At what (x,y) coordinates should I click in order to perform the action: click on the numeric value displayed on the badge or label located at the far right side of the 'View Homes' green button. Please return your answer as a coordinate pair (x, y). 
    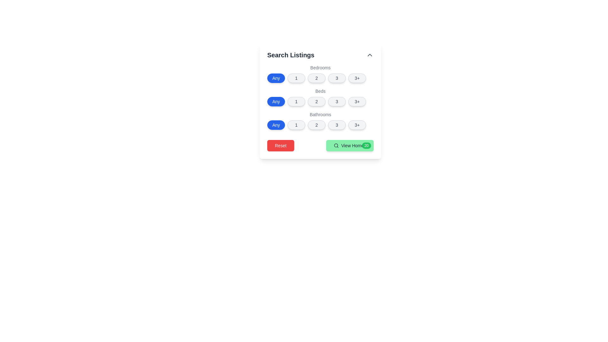
    Looking at the image, I should click on (366, 145).